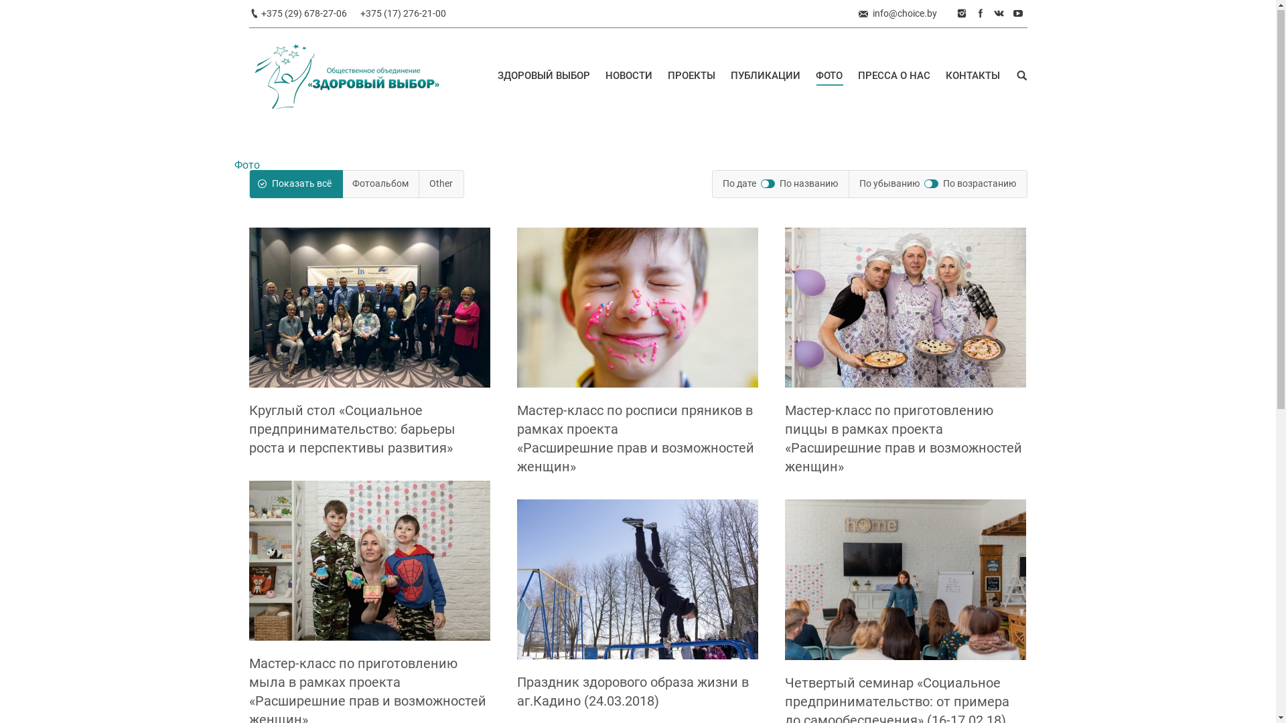 The height and width of the screenshot is (723, 1286). I want to click on ' ', so click(1021, 76).